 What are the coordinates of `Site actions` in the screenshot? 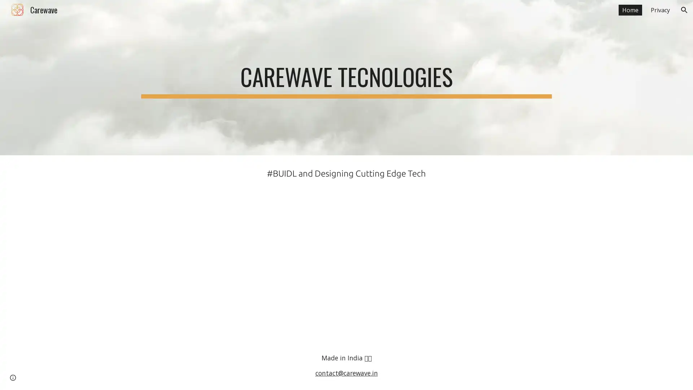 It's located at (13, 377).